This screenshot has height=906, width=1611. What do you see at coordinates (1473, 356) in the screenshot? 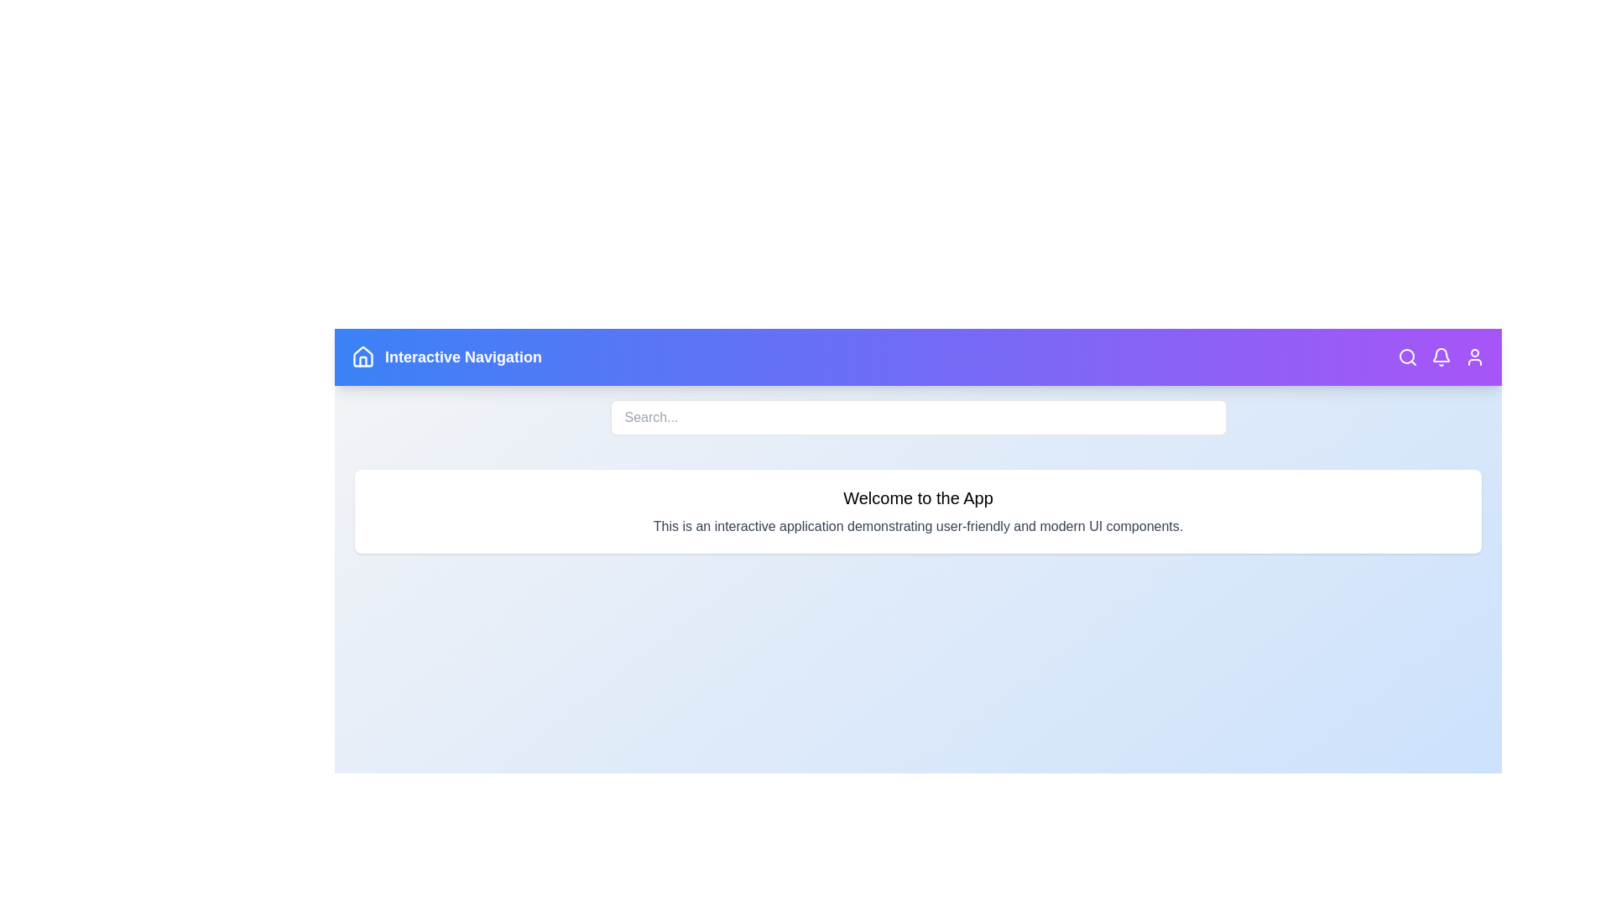
I see `the User icon to access the user profile or settings` at bounding box center [1473, 356].